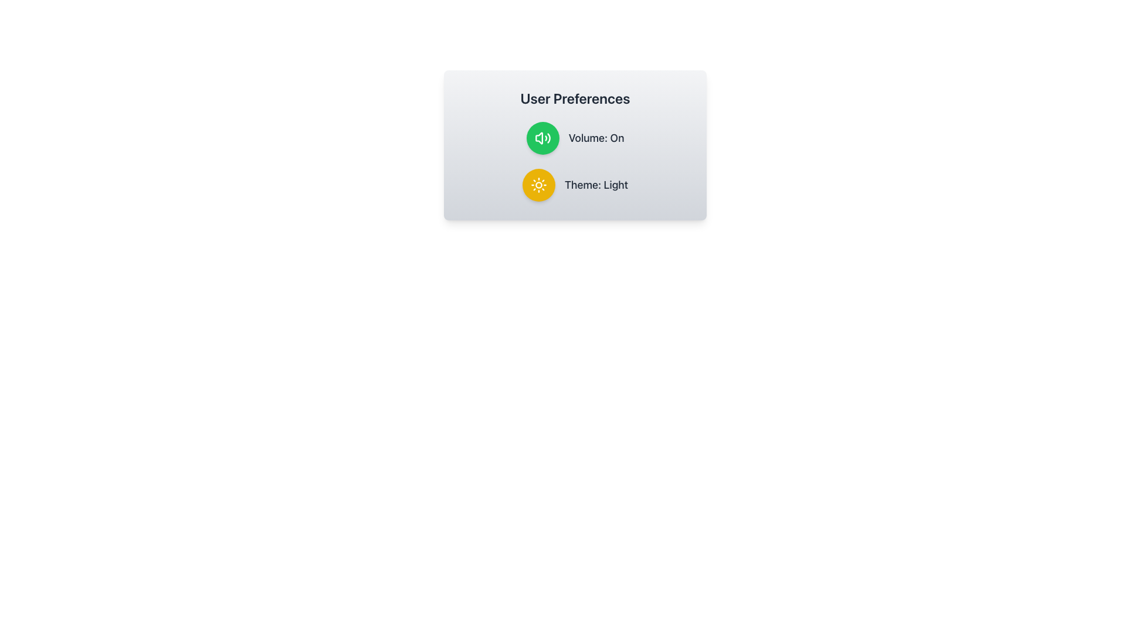  I want to click on text of the informational display indicating the volume status, which is represented by a green circular icon with a speaker symbol and the text 'Volume: On', so click(575, 137).